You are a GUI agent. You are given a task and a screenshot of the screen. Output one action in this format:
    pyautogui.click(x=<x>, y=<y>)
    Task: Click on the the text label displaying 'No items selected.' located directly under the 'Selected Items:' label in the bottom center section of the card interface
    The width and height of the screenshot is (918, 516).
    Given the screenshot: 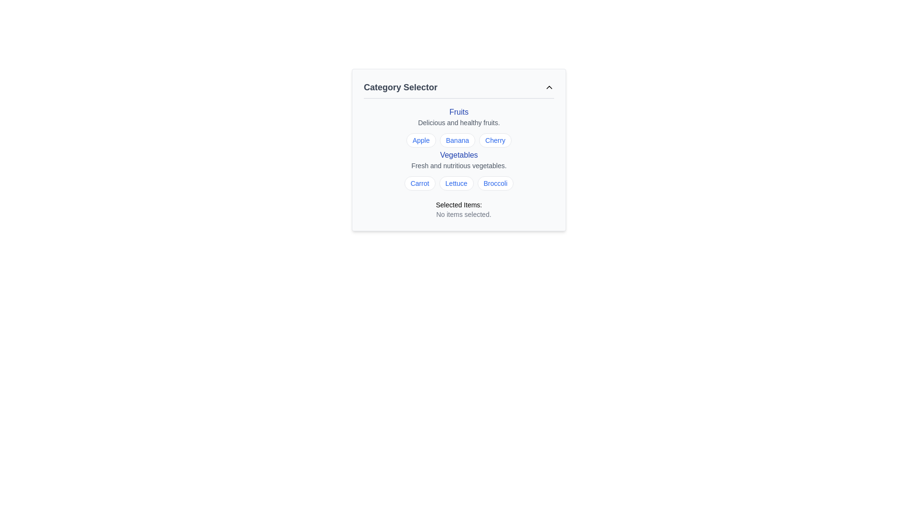 What is the action you would take?
    pyautogui.click(x=459, y=214)
    